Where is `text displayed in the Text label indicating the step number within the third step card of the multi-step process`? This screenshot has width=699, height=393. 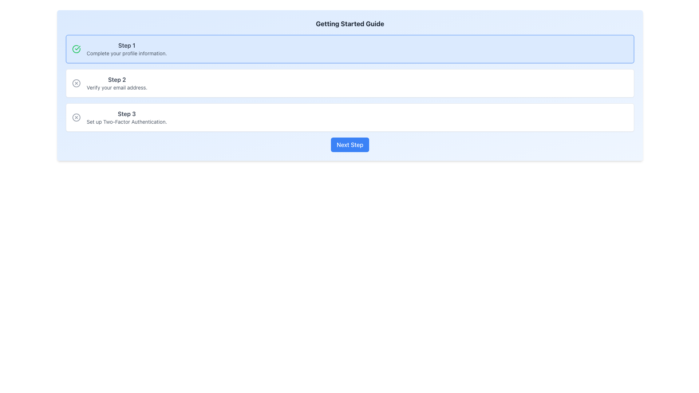
text displayed in the Text label indicating the step number within the third step card of the multi-step process is located at coordinates (127, 114).